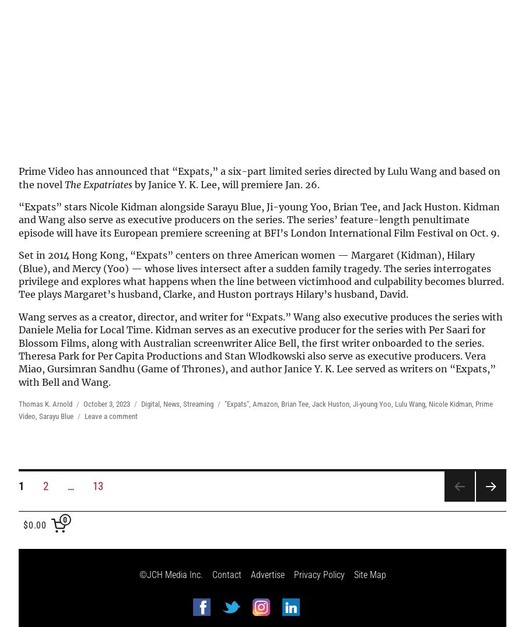  I want to click on 'Amazon', so click(264, 404).